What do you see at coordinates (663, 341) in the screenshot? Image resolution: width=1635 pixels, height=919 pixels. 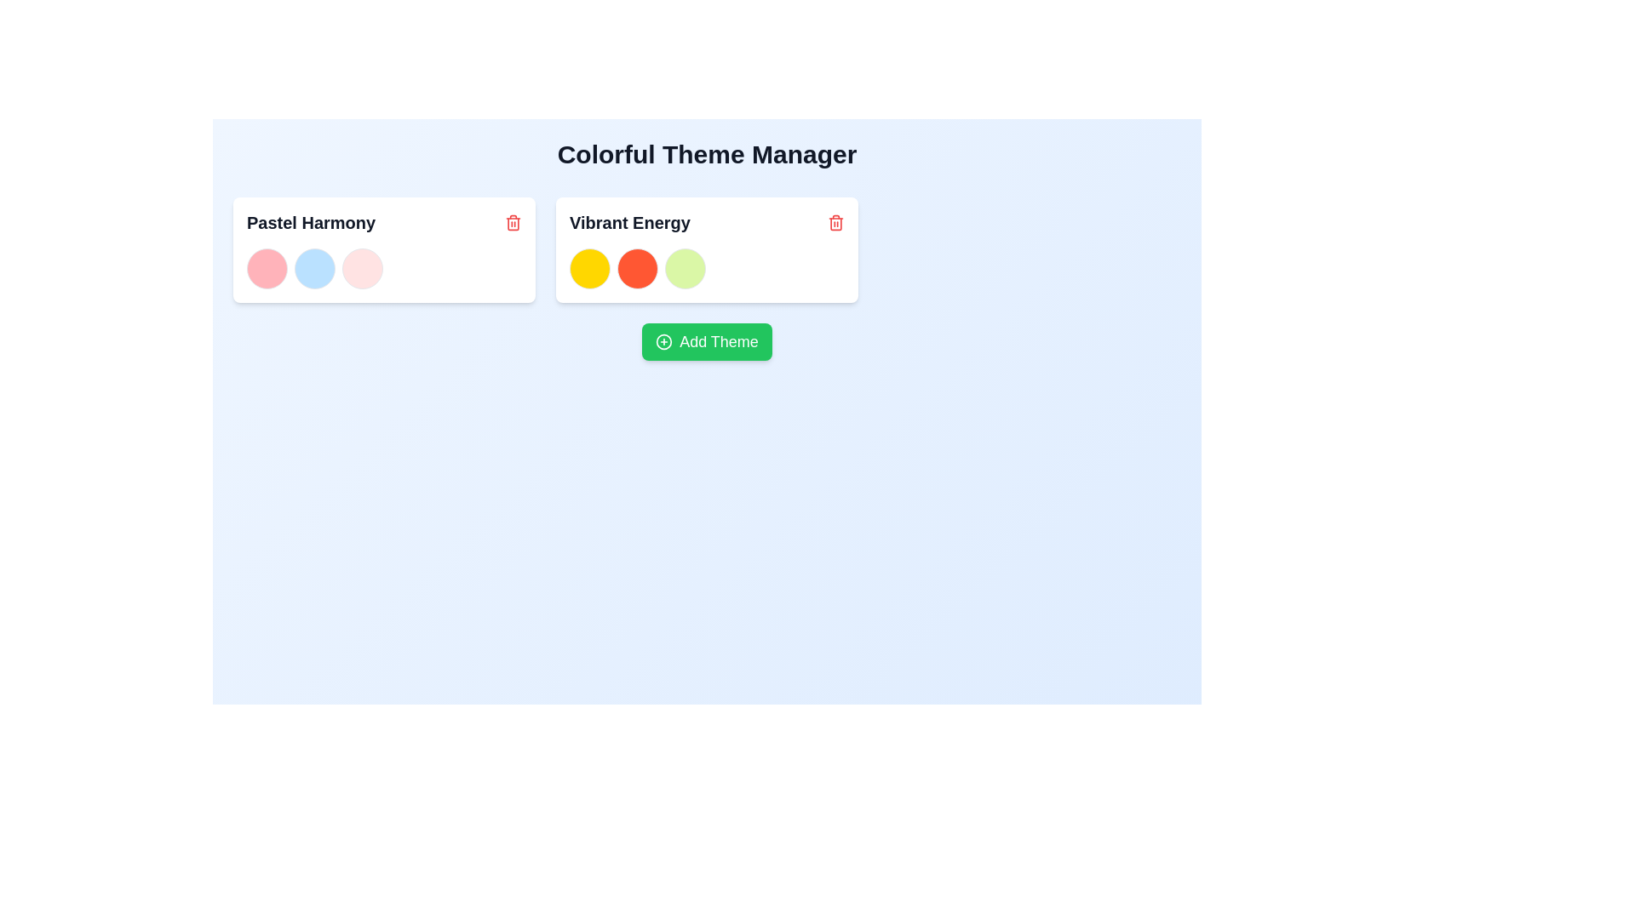 I see `the circular green outlined icon featuring a '+' symbol, located to the left of the 'Add Theme' button` at bounding box center [663, 341].